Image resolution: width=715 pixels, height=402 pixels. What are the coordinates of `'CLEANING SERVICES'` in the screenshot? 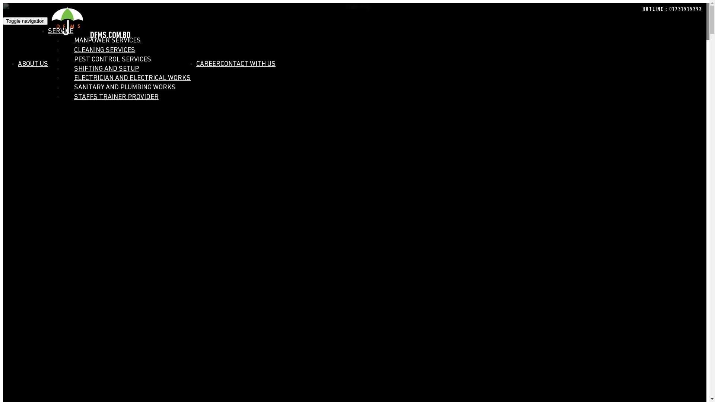 It's located at (101, 50).